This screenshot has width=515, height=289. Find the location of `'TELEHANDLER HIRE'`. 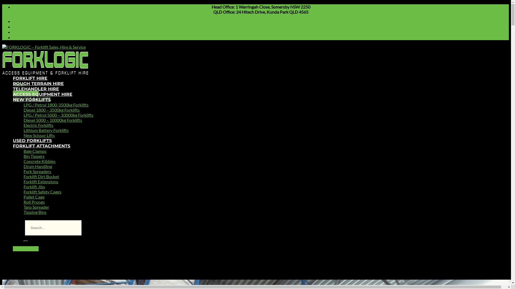

'TELEHANDLER HIRE' is located at coordinates (36, 89).